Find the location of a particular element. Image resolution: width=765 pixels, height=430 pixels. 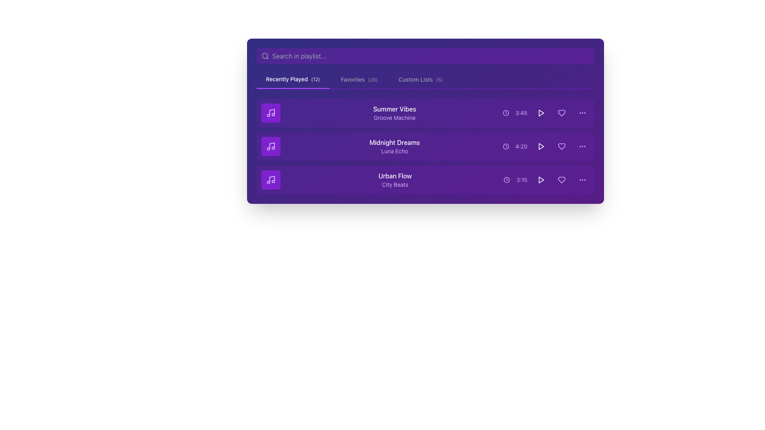

the heart icon button to favorite or unfavorite the 'Midnight Dreams' song located to the right of the song duration and play button is located at coordinates (561, 146).